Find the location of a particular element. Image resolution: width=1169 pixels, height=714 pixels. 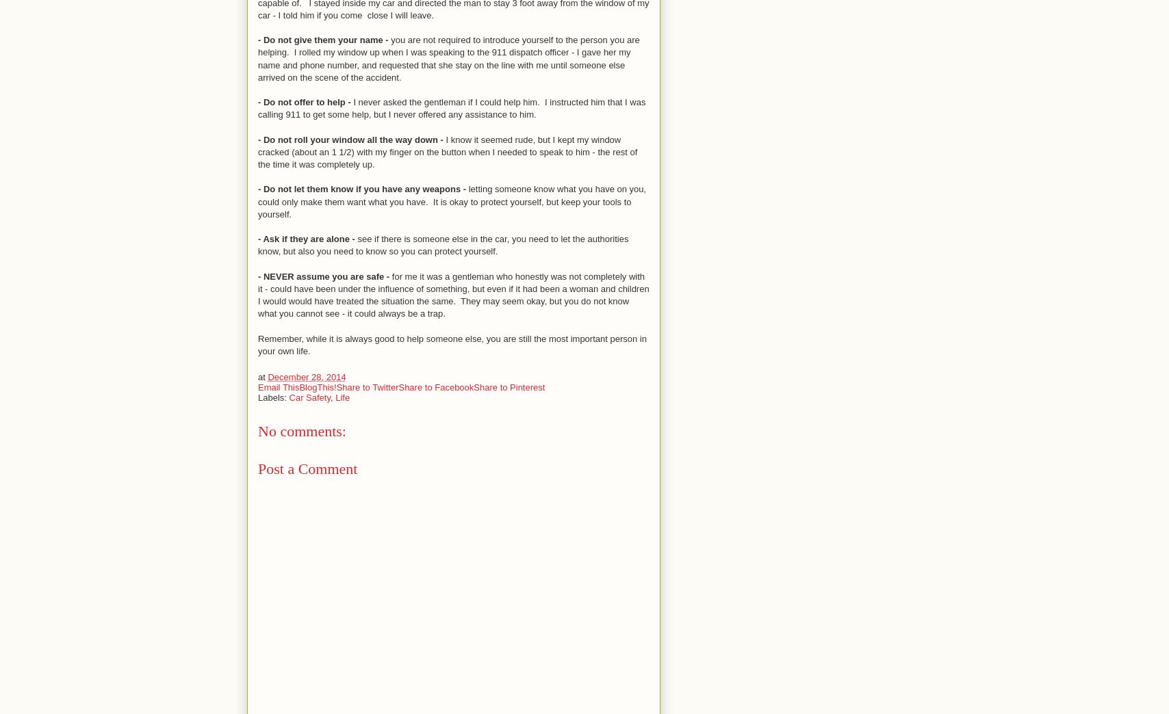

'you are not required to introduce yourself to the person you are helping.  I rolled my window up when I was speaking to the 911 dispatch officer - I gave her my name and phone number, and requested that she stay on the line with me until someone else arrived on the scene of the accident.' is located at coordinates (448, 58).